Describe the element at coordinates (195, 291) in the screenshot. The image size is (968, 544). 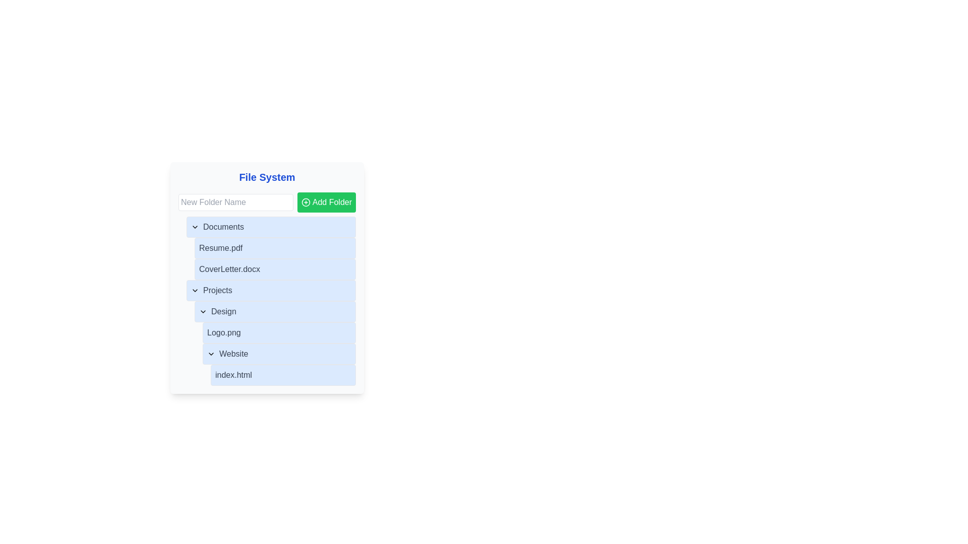
I see `the small downward-pointing chevron toggle button, which is outlined and located` at that location.